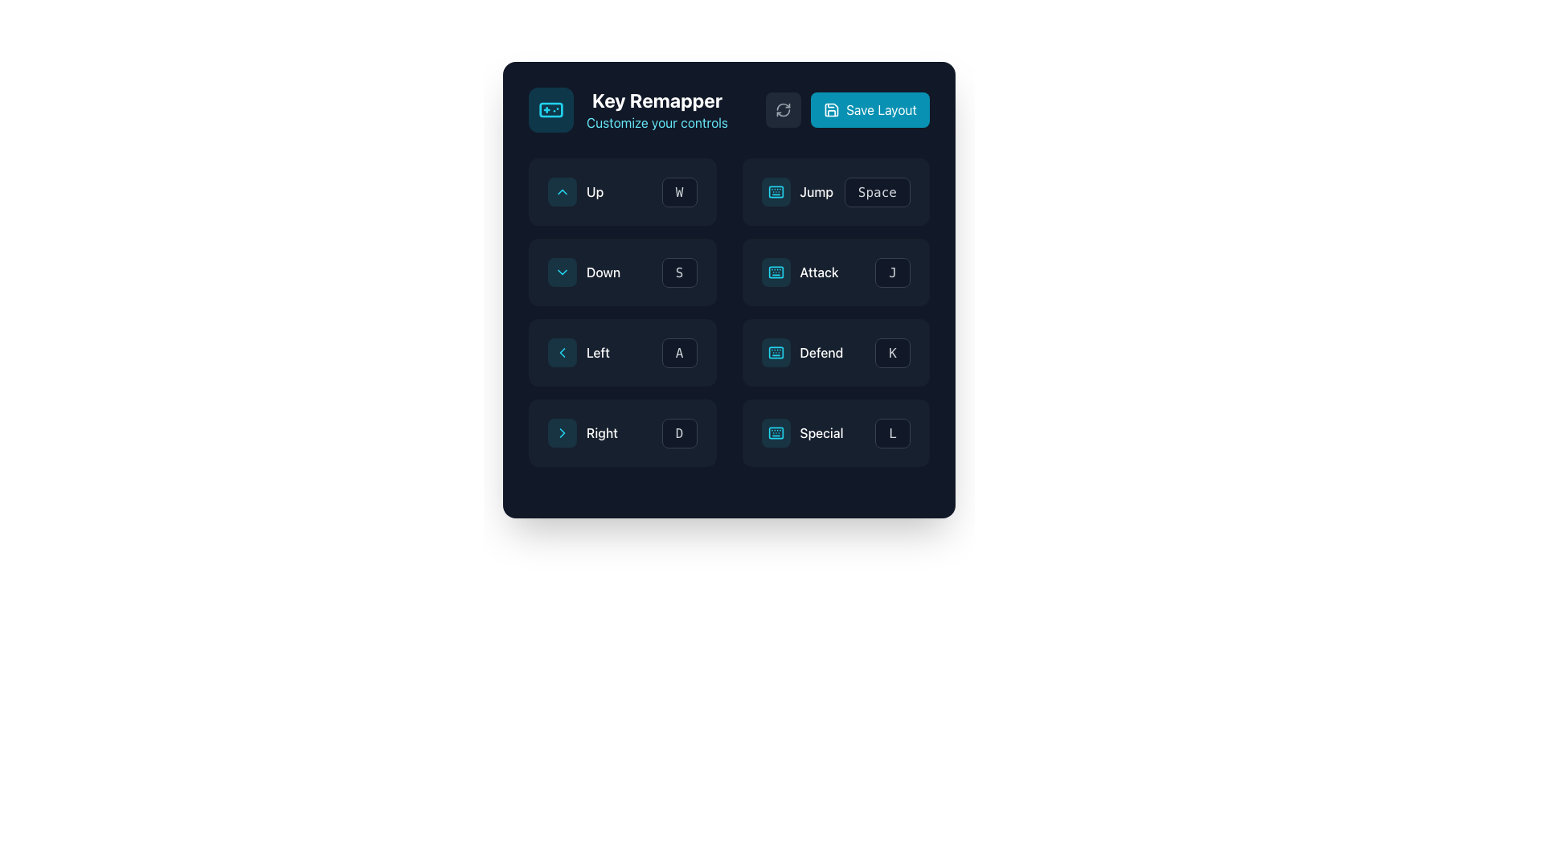  I want to click on the 'Defend' control mapping button associated with the 'K' key, so click(836, 352).